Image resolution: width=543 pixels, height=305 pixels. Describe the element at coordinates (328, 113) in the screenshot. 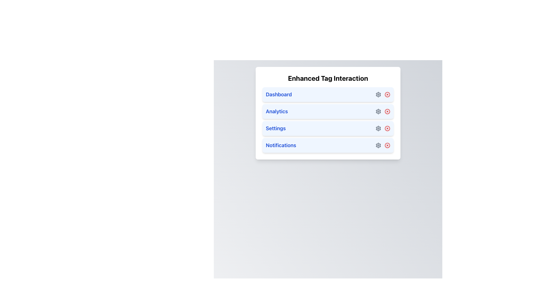

I see `the 'Analytics' menu item, which is the second option from the top in the menu, located directly below 'Dashboard' and above 'Settings'` at that location.